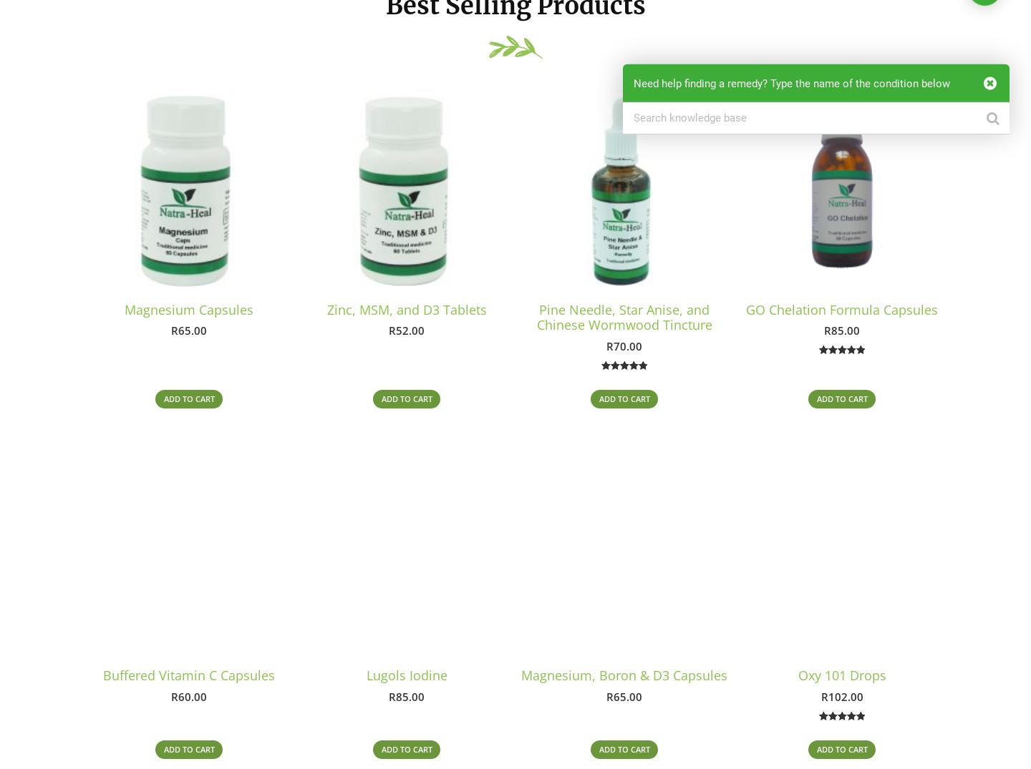  I want to click on '102.00', so click(845, 697).